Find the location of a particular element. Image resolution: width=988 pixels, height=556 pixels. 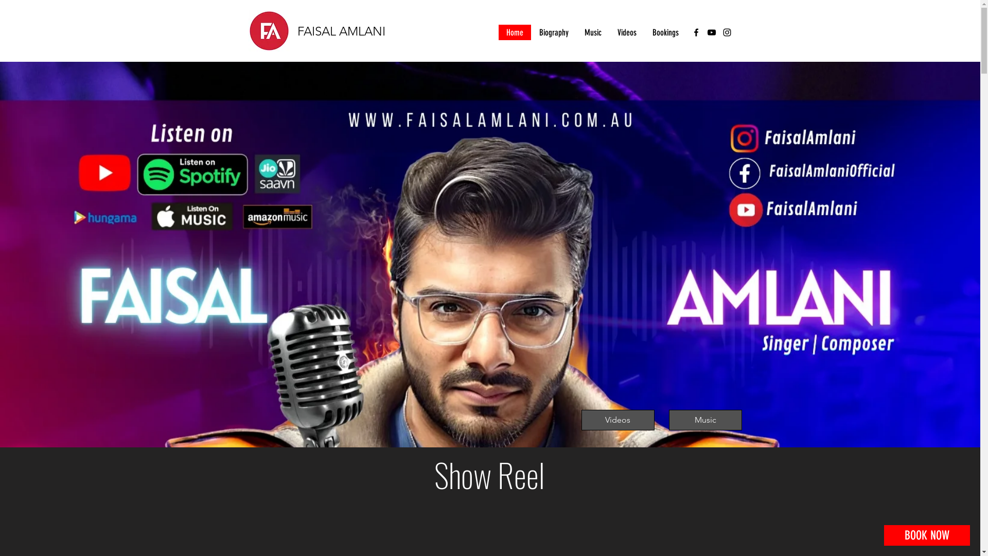

'Music' is located at coordinates (593, 31).